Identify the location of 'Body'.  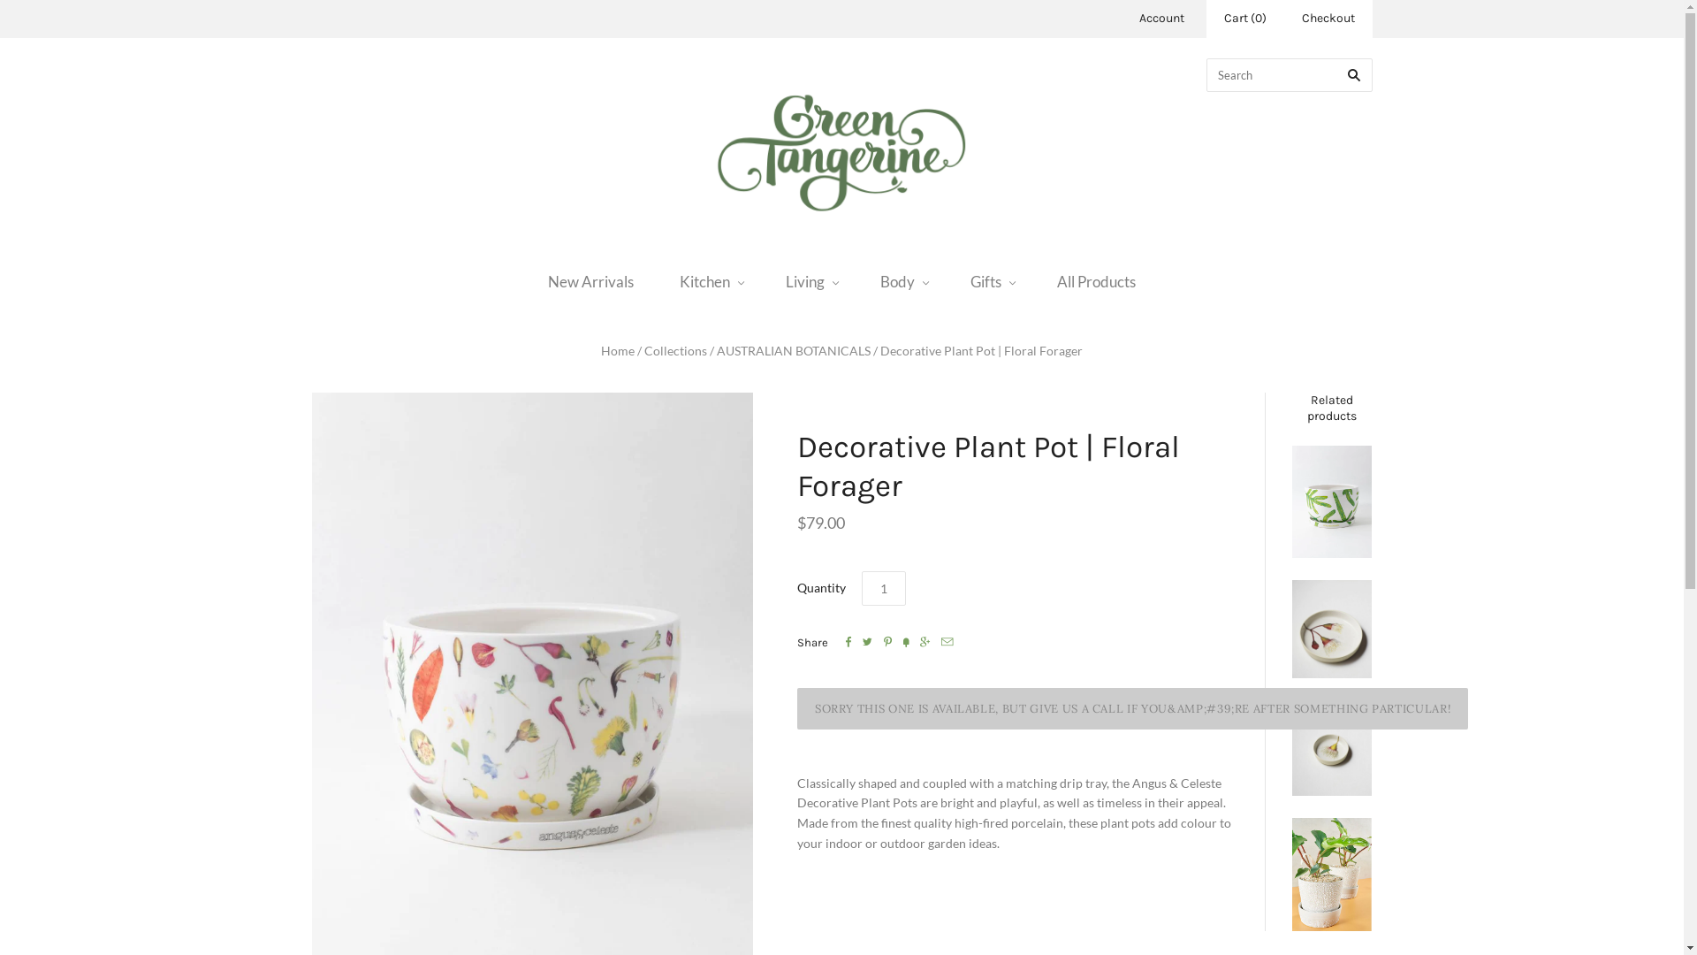
(902, 280).